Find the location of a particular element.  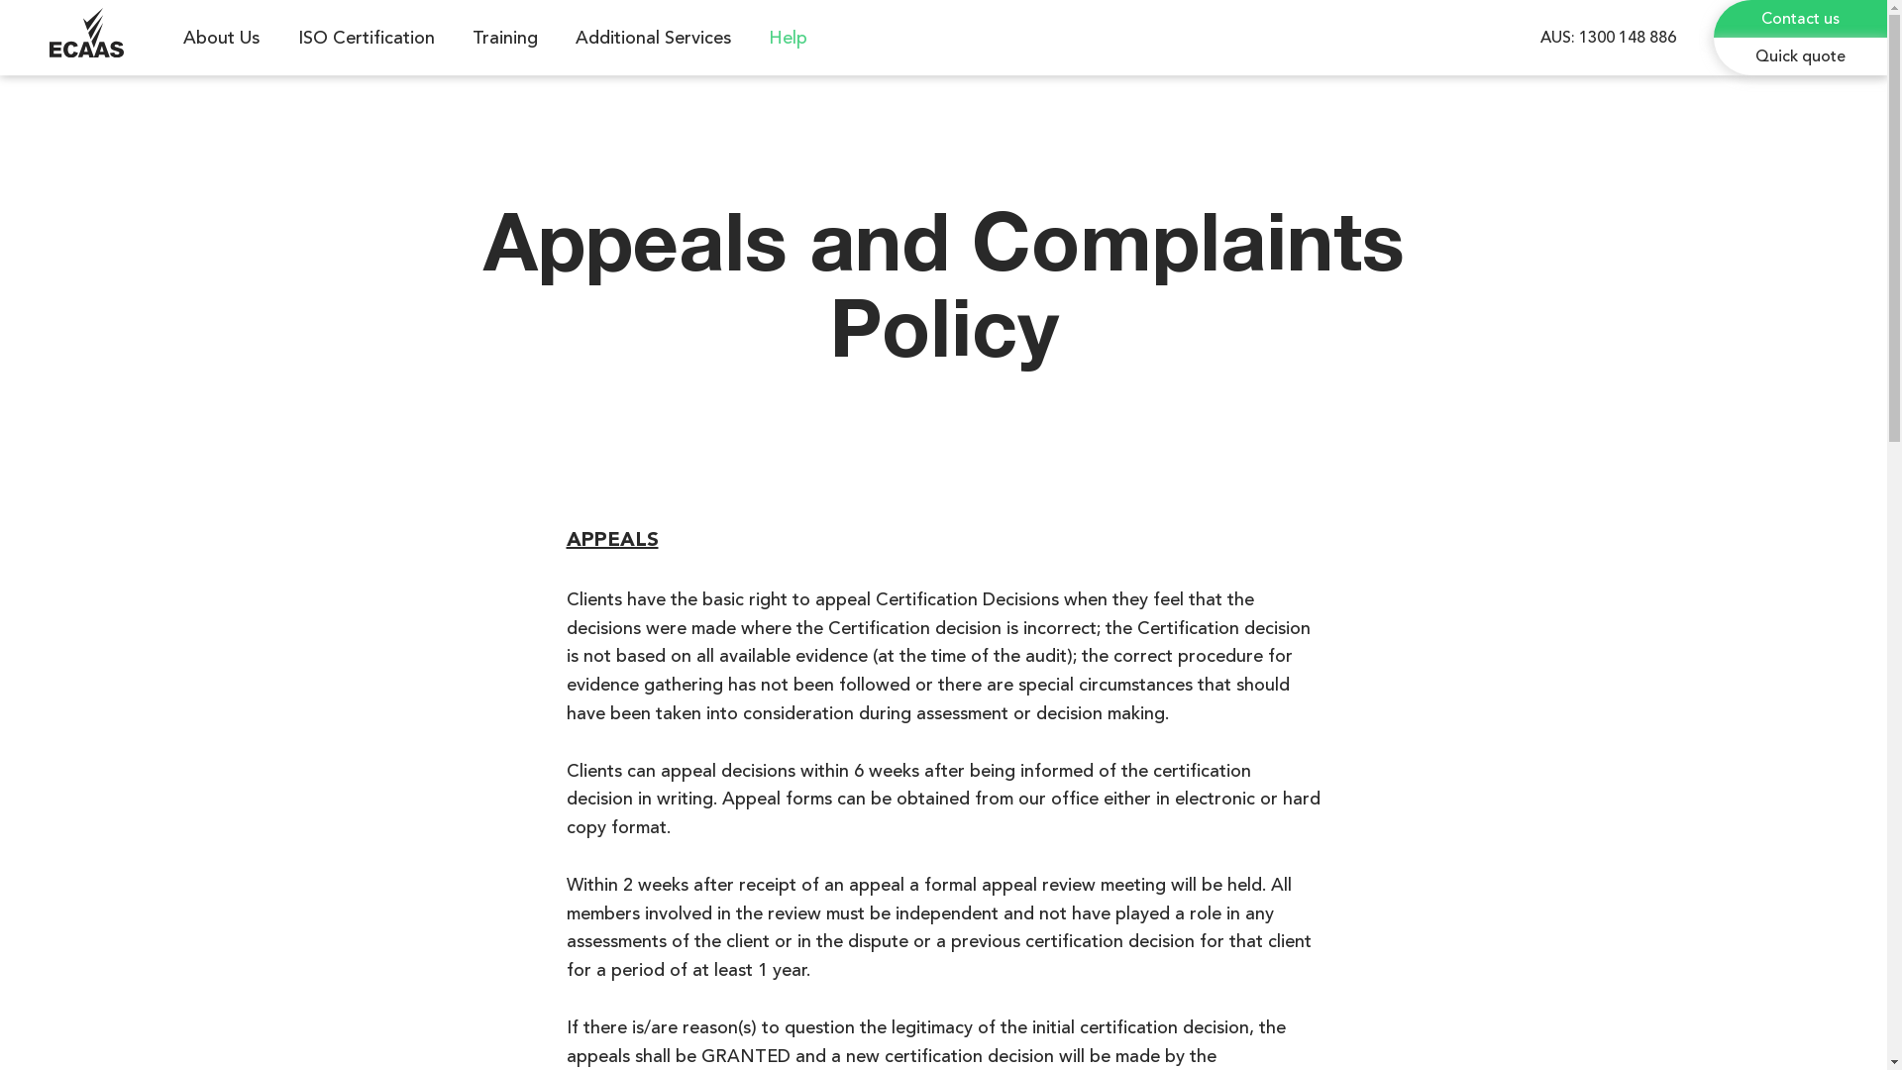

'About Us' is located at coordinates (225, 38).